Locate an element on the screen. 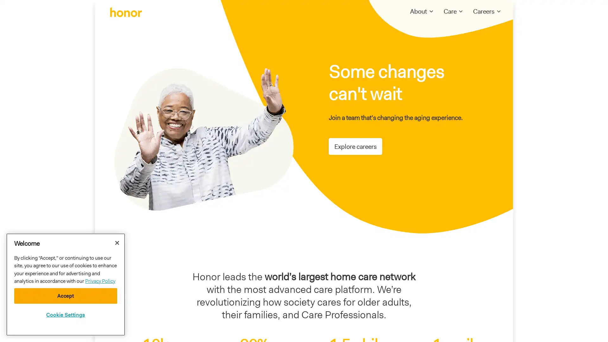 The height and width of the screenshot is (342, 608). Accept is located at coordinates (66, 296).